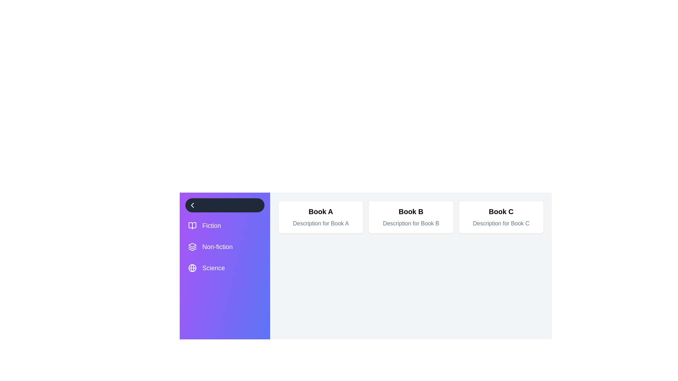 The height and width of the screenshot is (381, 678). Describe the element at coordinates (411, 217) in the screenshot. I see `the card representing Book B` at that location.